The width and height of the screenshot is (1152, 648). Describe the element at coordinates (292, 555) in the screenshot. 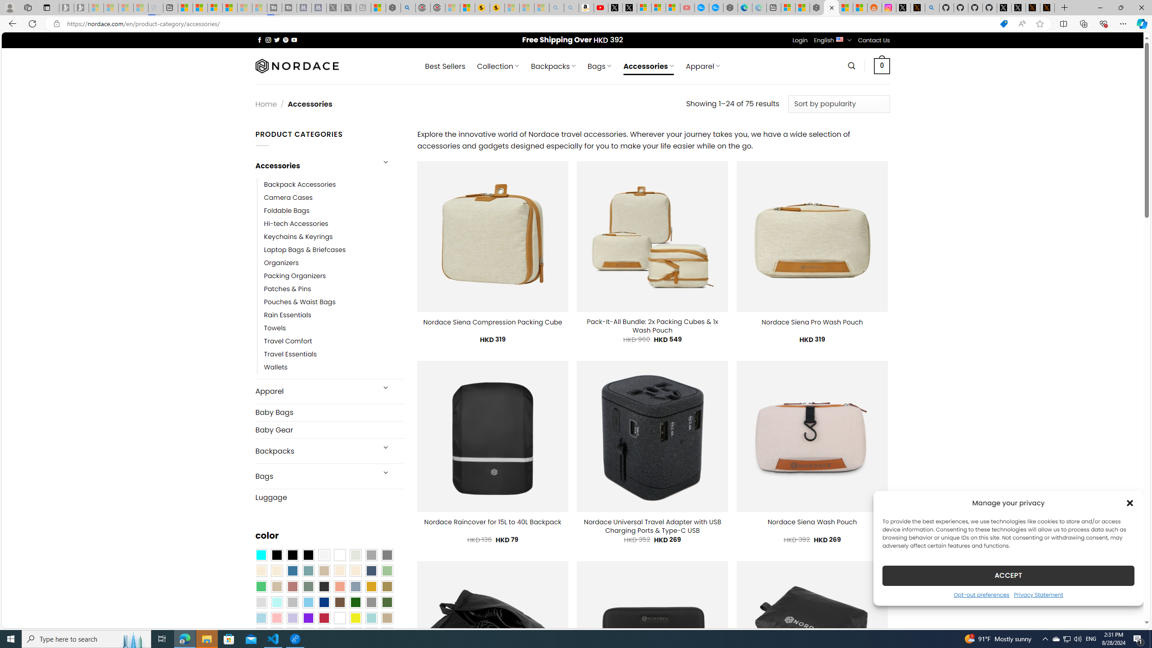

I see `'Black'` at that location.